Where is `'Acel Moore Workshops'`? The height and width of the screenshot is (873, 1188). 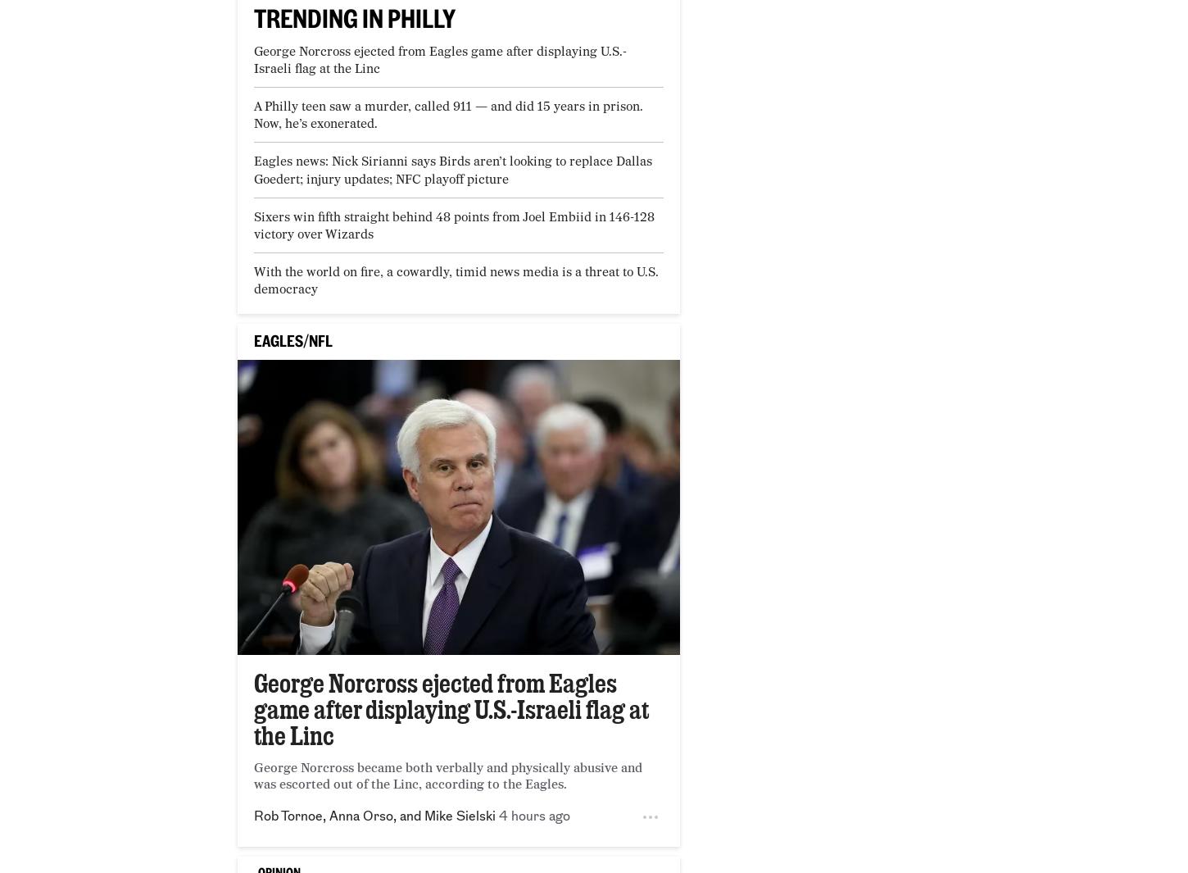 'Acel Moore Workshops' is located at coordinates (179, 778).